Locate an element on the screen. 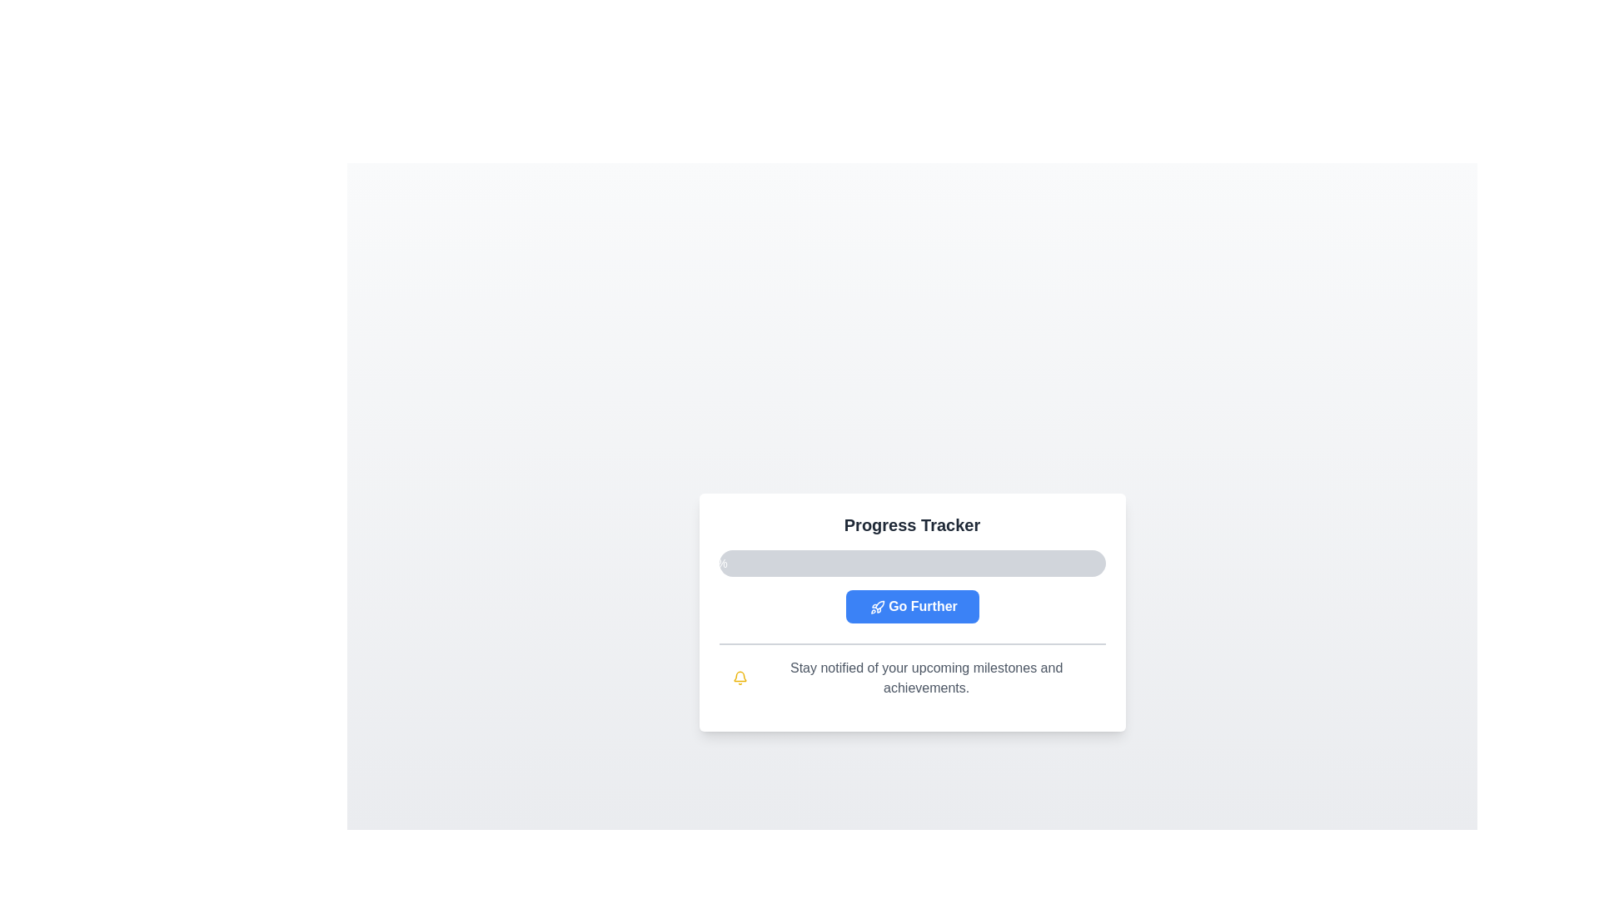  the Text Label at the top of the white rounded card component that indicates its purpose as a progress tracker is located at coordinates (911, 525).